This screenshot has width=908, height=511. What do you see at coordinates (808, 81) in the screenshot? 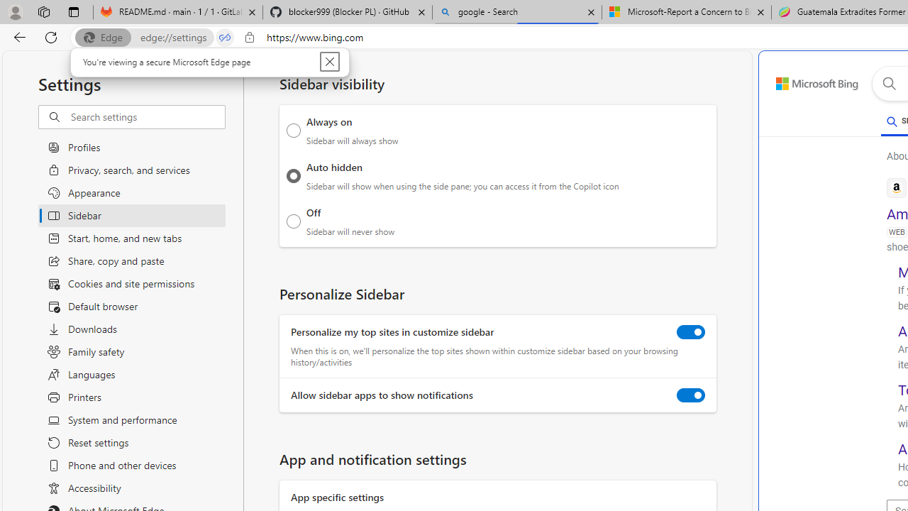
I see `'Back to Bing search'` at bounding box center [808, 81].